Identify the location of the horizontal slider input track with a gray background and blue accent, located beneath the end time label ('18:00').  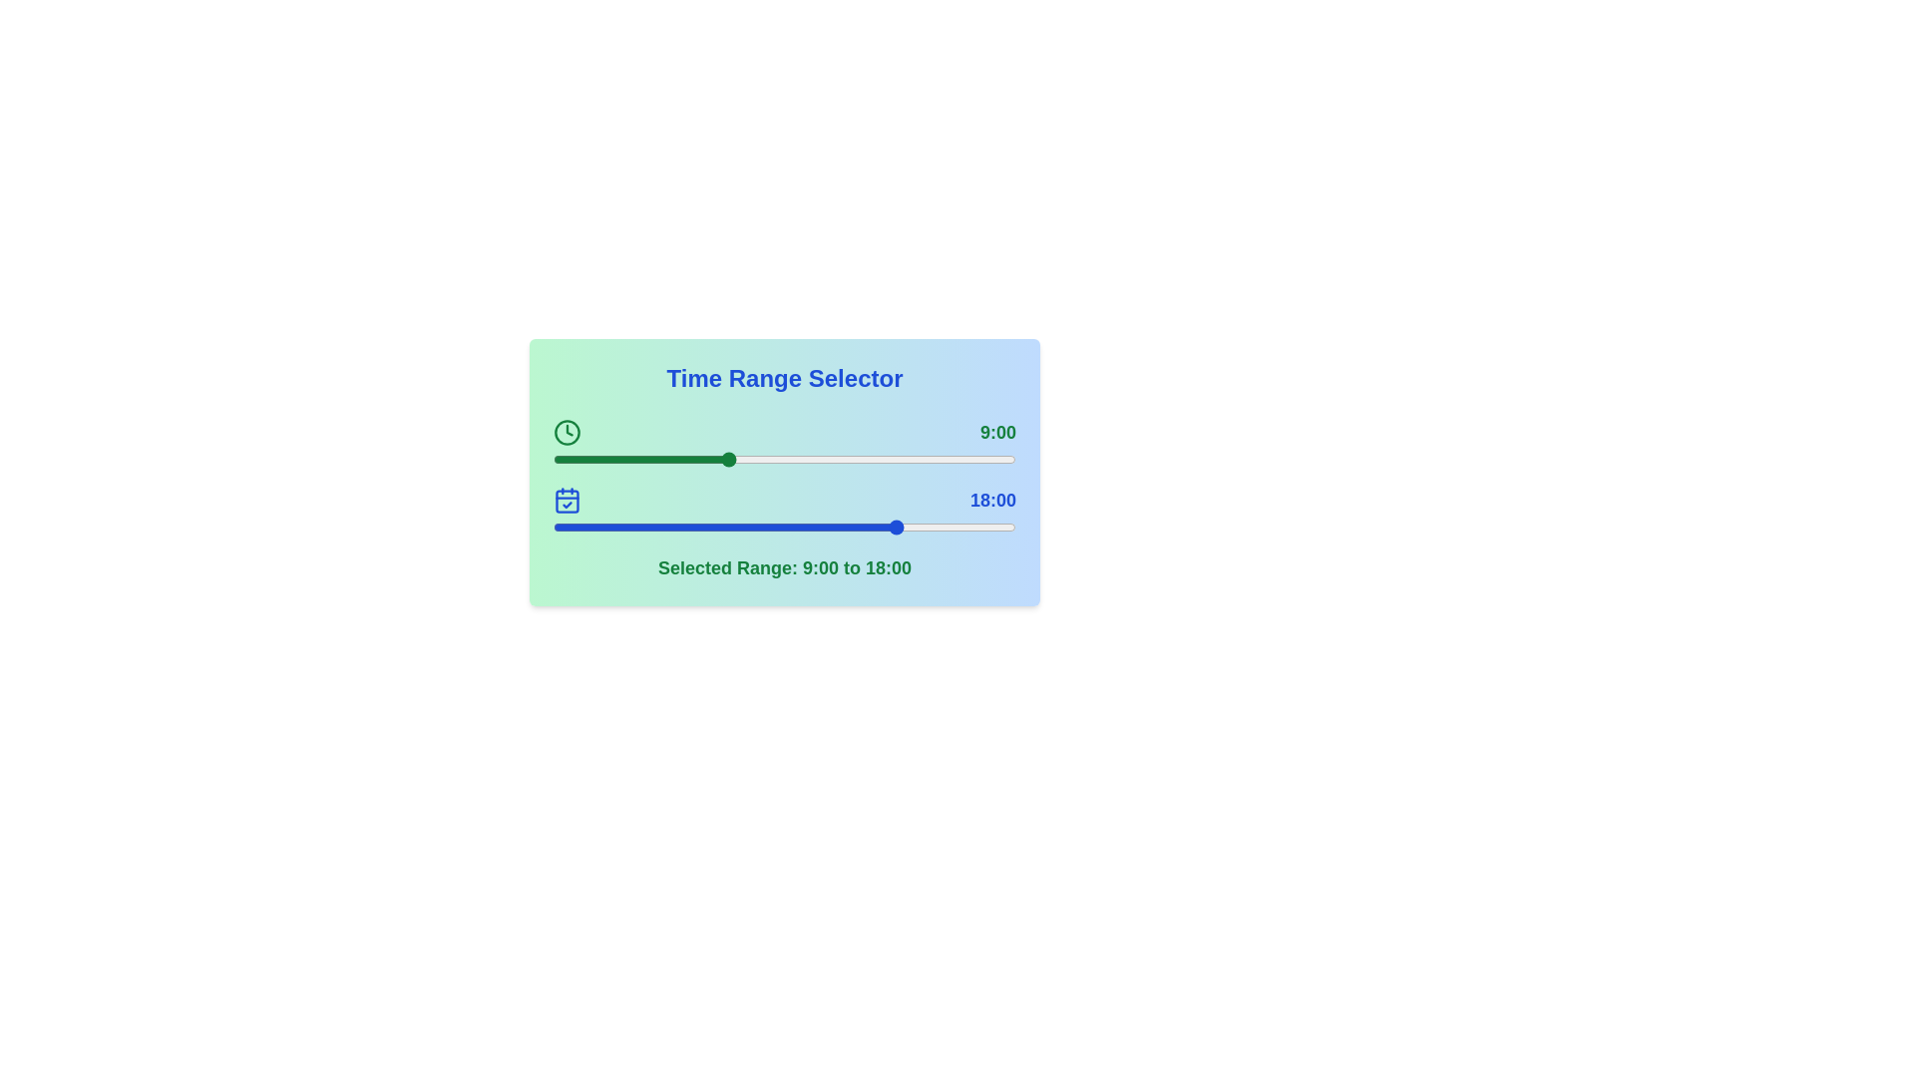
(784, 526).